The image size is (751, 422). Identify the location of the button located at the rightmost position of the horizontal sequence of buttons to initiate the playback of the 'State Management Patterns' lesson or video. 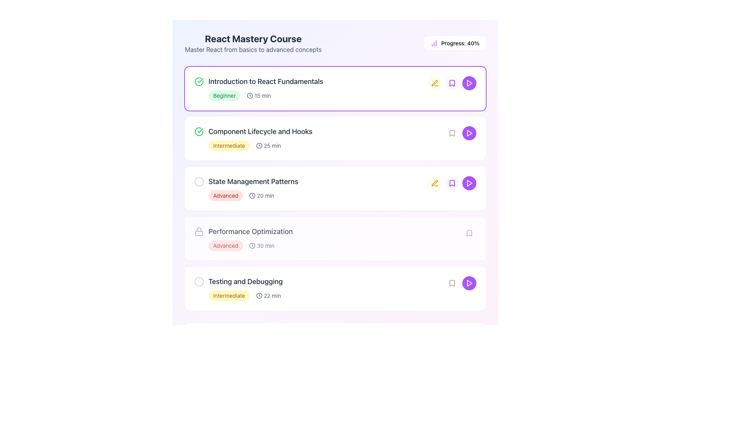
(469, 183).